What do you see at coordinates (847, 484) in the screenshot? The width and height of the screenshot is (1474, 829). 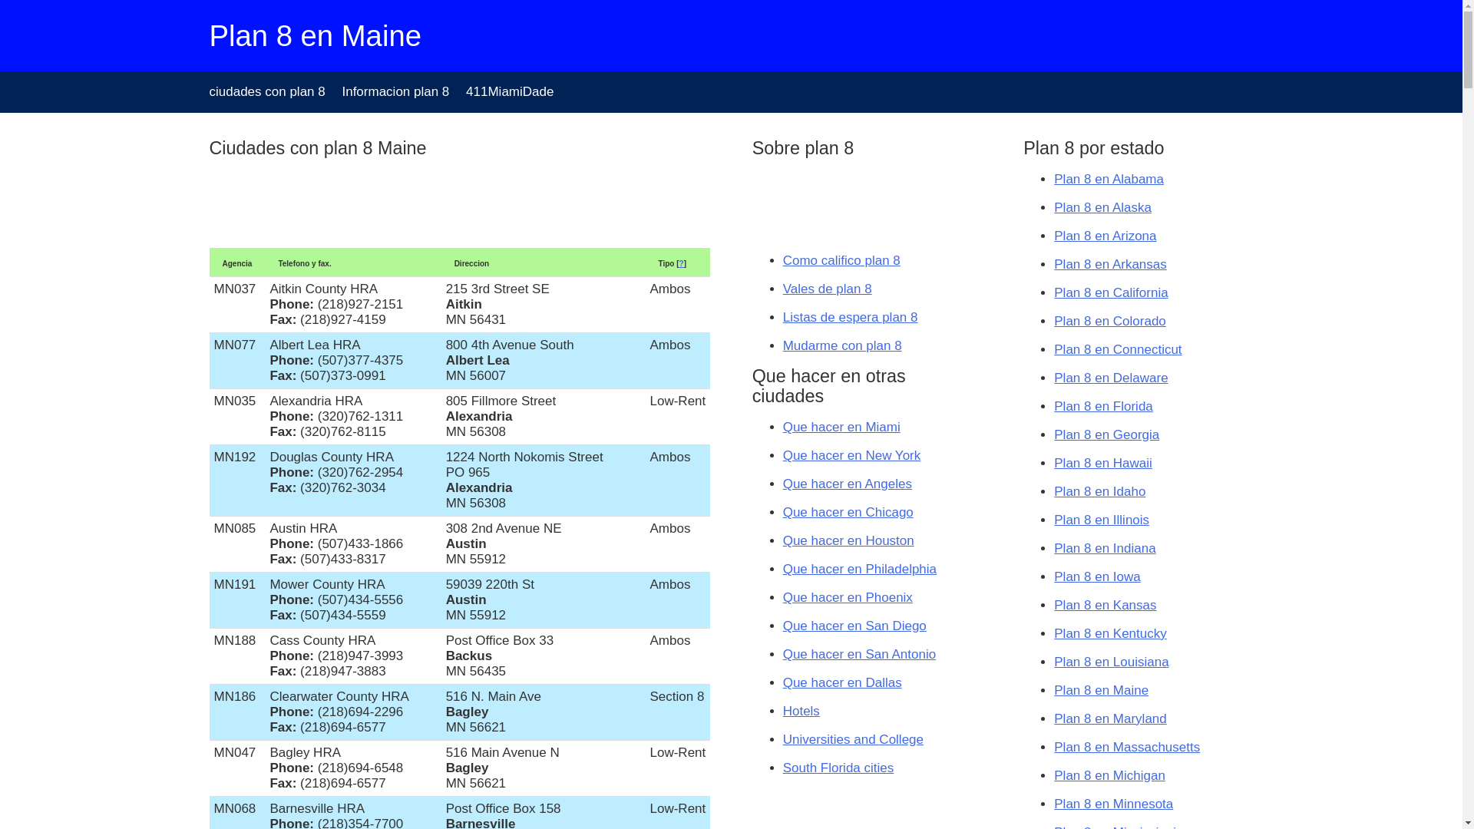 I see `'Que hacer en Angeles'` at bounding box center [847, 484].